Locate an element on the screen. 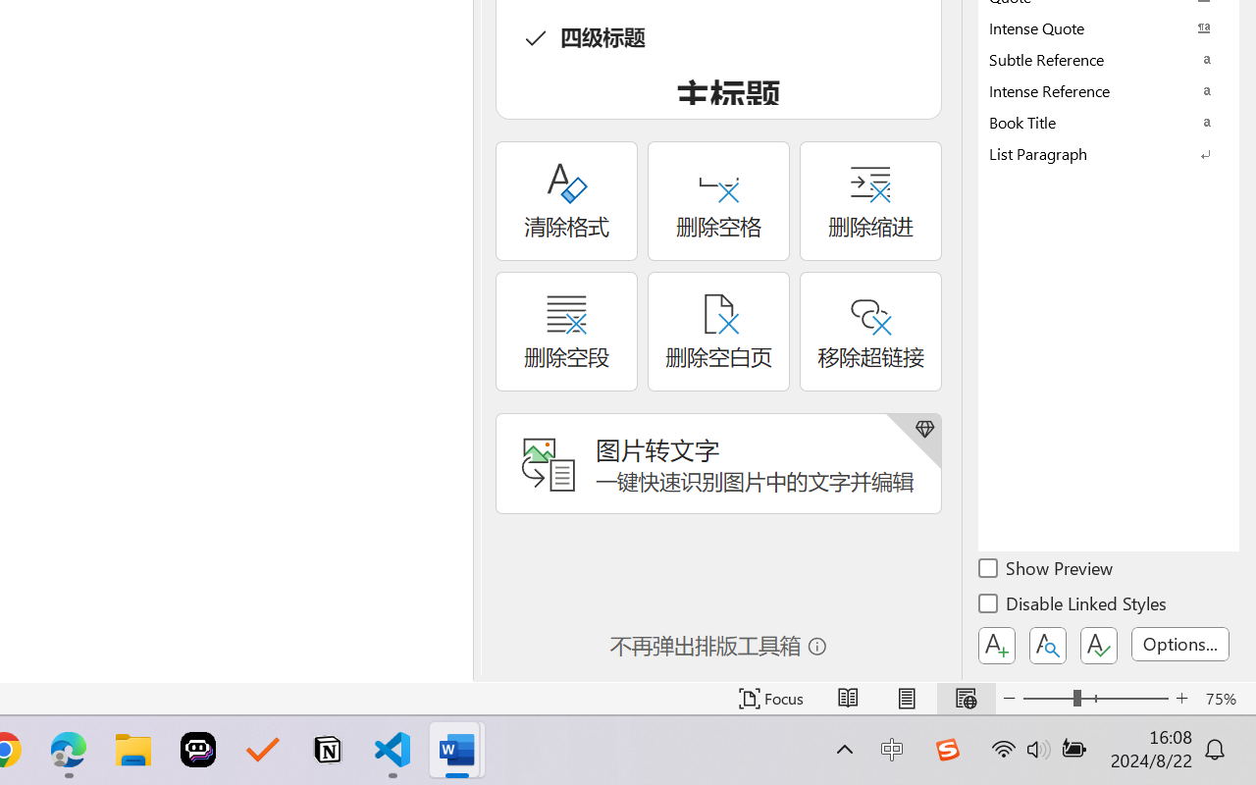  'Show Preview' is located at coordinates (1046, 570).